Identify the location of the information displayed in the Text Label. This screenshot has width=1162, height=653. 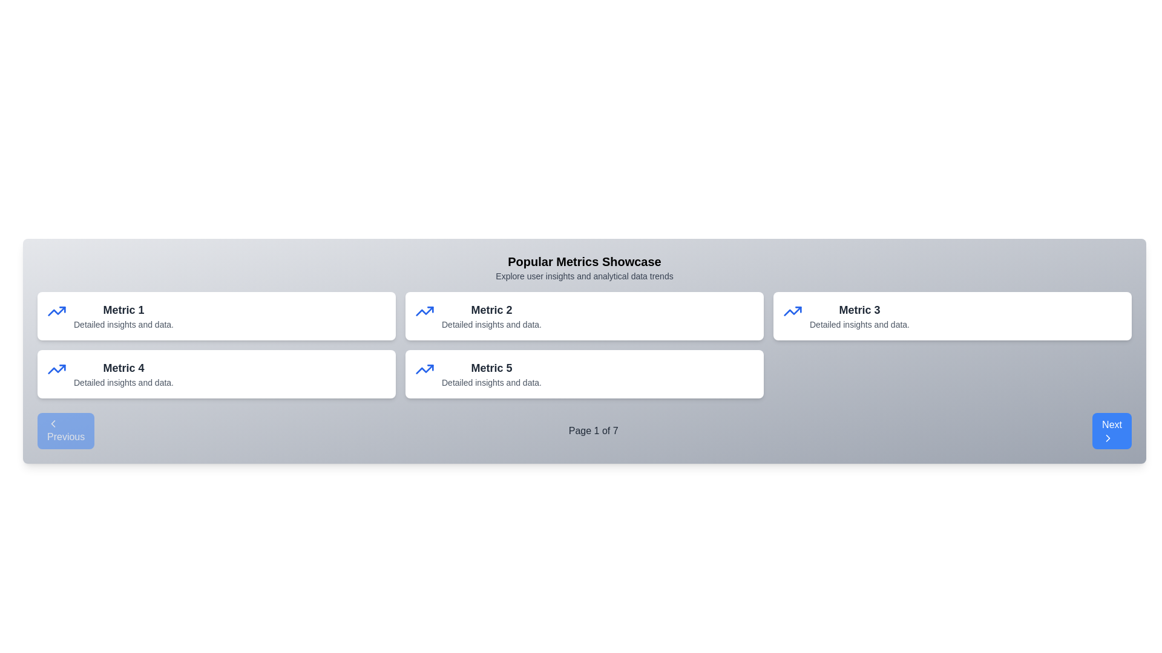
(488, 316).